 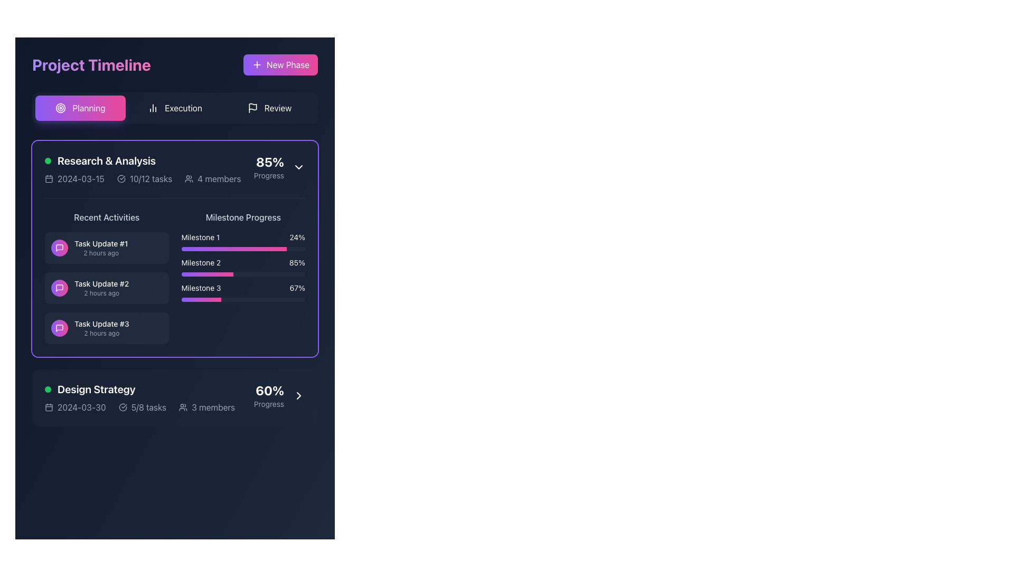 What do you see at coordinates (74, 406) in the screenshot?
I see `the Text label displaying the date associated with the design strategy entry in the project timeline, located in the 'Design Strategy' group as the leftmost subcomponent` at bounding box center [74, 406].